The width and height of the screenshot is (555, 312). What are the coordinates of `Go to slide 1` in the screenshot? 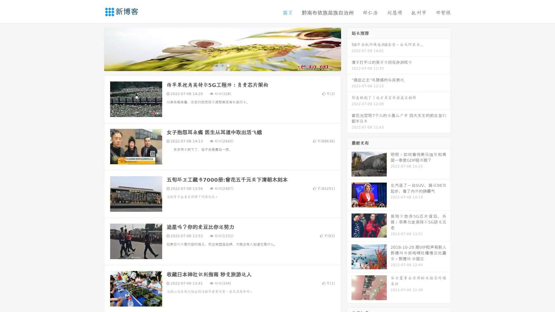 It's located at (216, 65).